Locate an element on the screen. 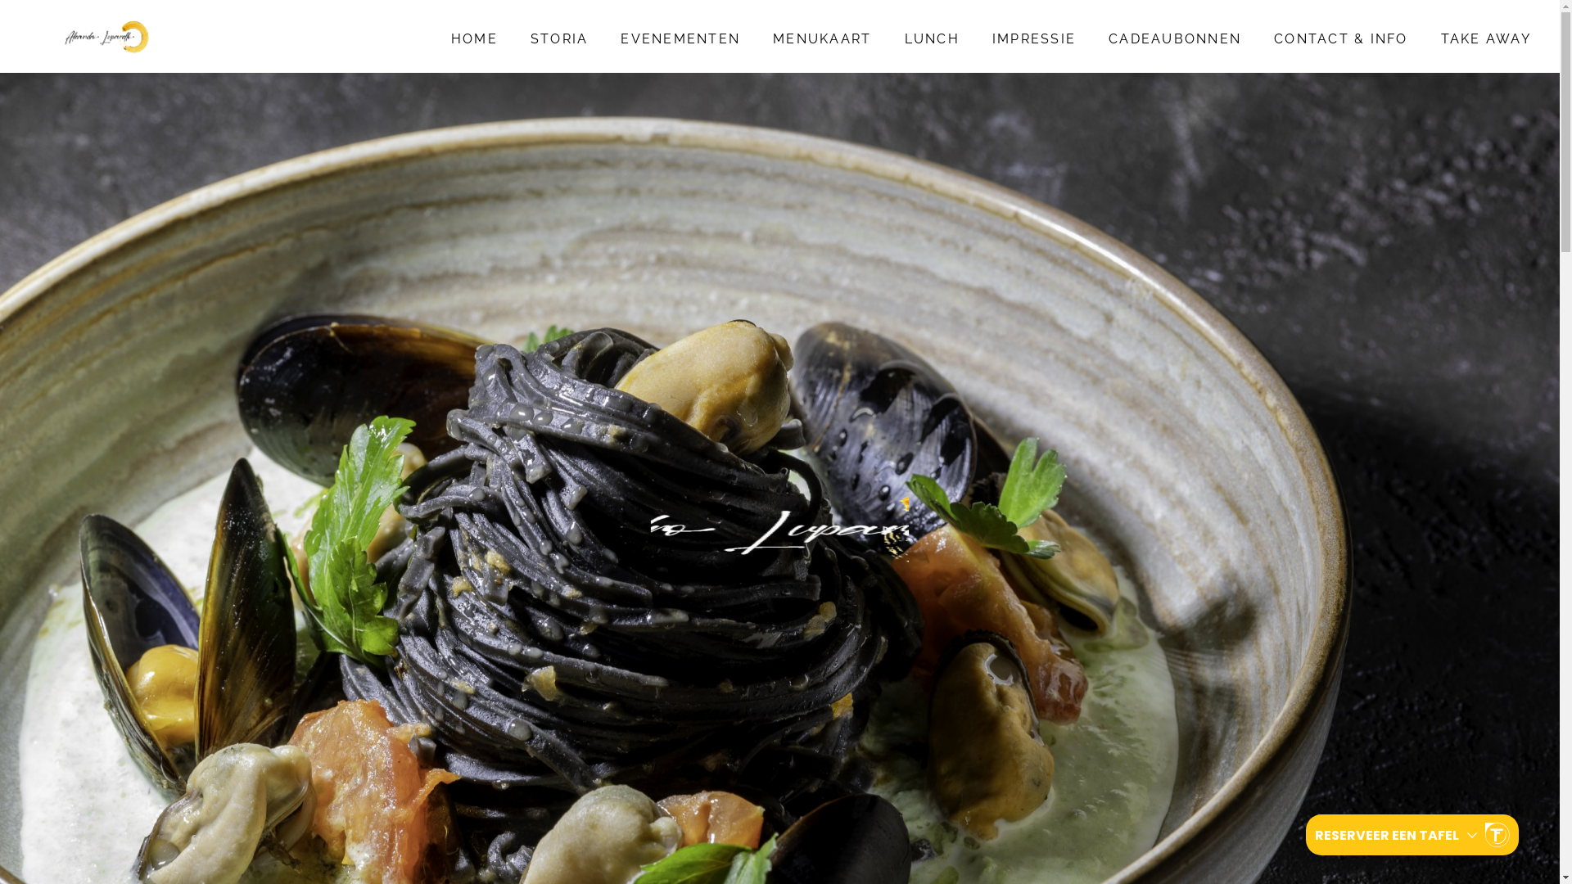 This screenshot has height=884, width=1572. 'MENUKAART' is located at coordinates (821, 38).